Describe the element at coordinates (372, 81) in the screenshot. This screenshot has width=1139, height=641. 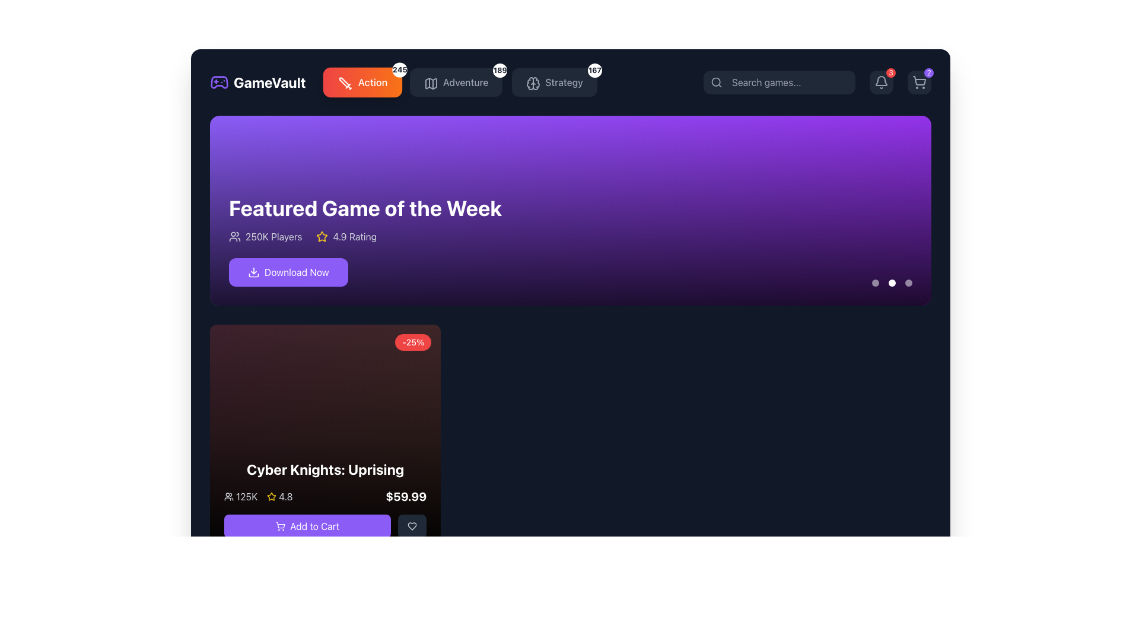
I see `the text label displaying 'Action' which is centered within the interactive button labeled 'Action245'` at that location.